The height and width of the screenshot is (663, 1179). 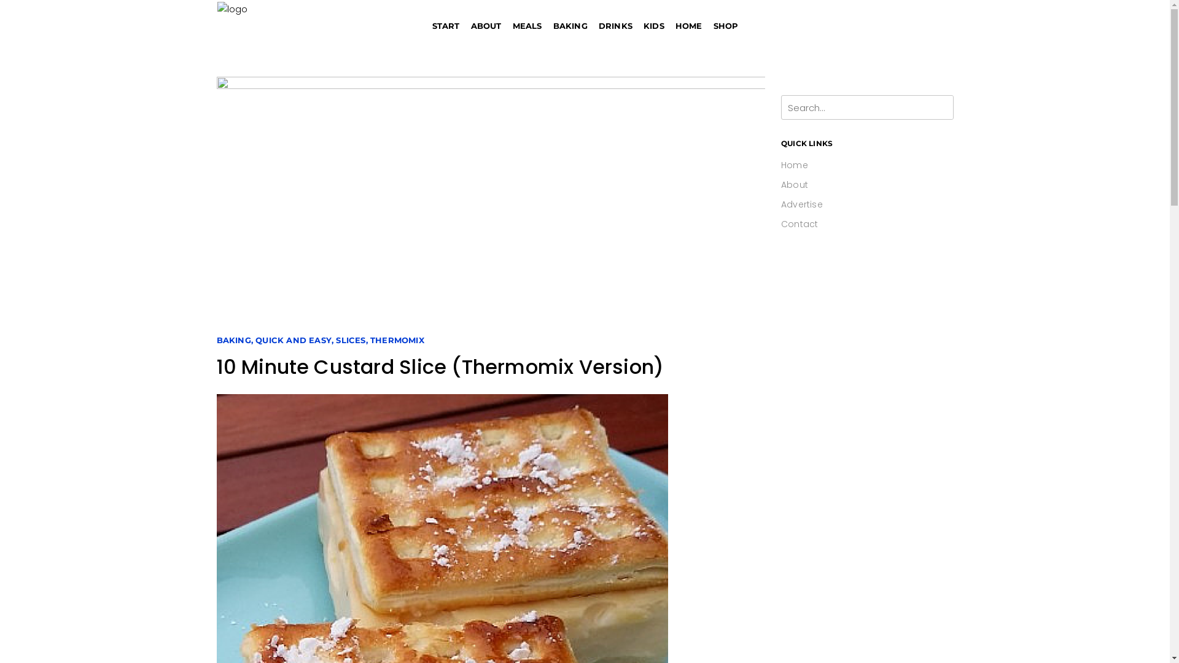 What do you see at coordinates (689, 26) in the screenshot?
I see `'HOME'` at bounding box center [689, 26].